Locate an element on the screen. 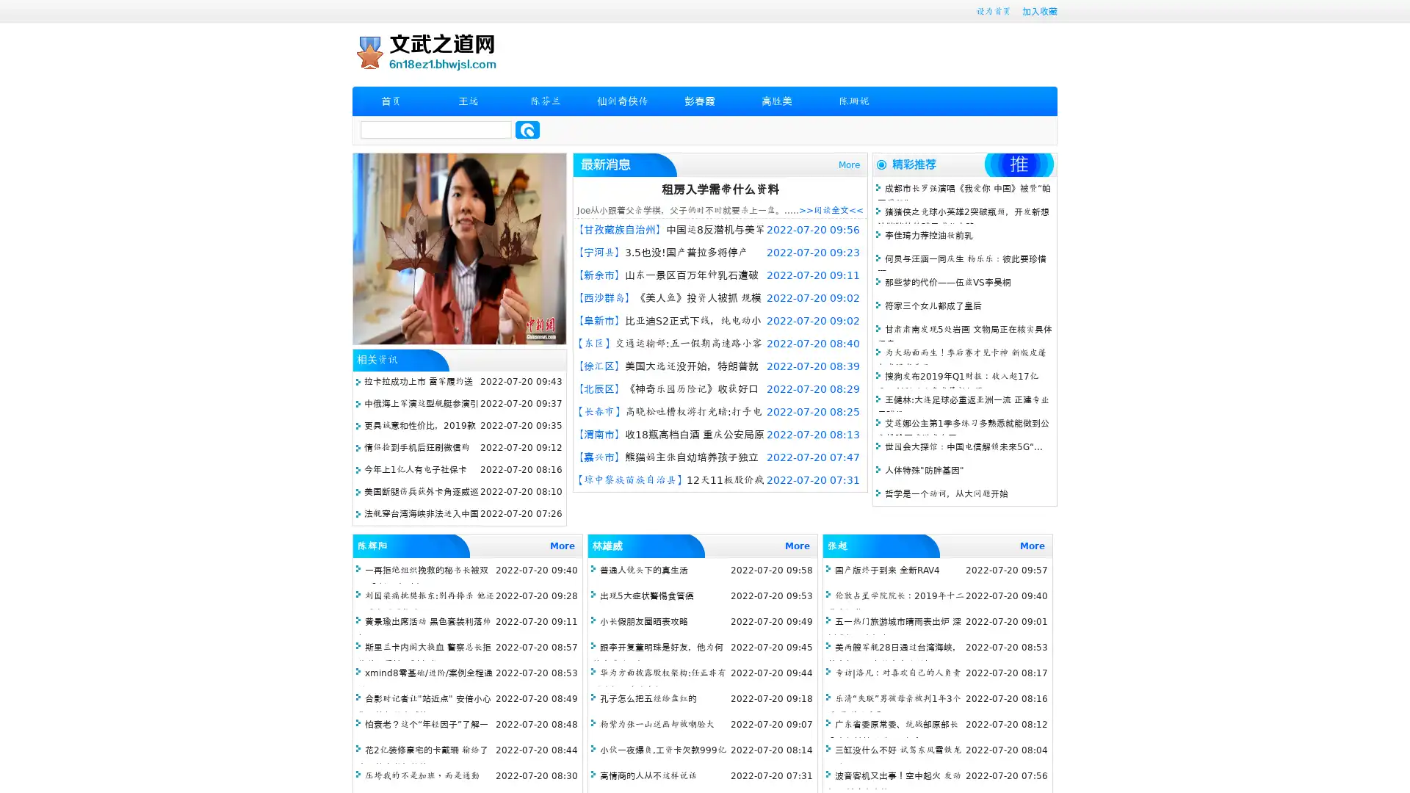  Search is located at coordinates (527, 129).